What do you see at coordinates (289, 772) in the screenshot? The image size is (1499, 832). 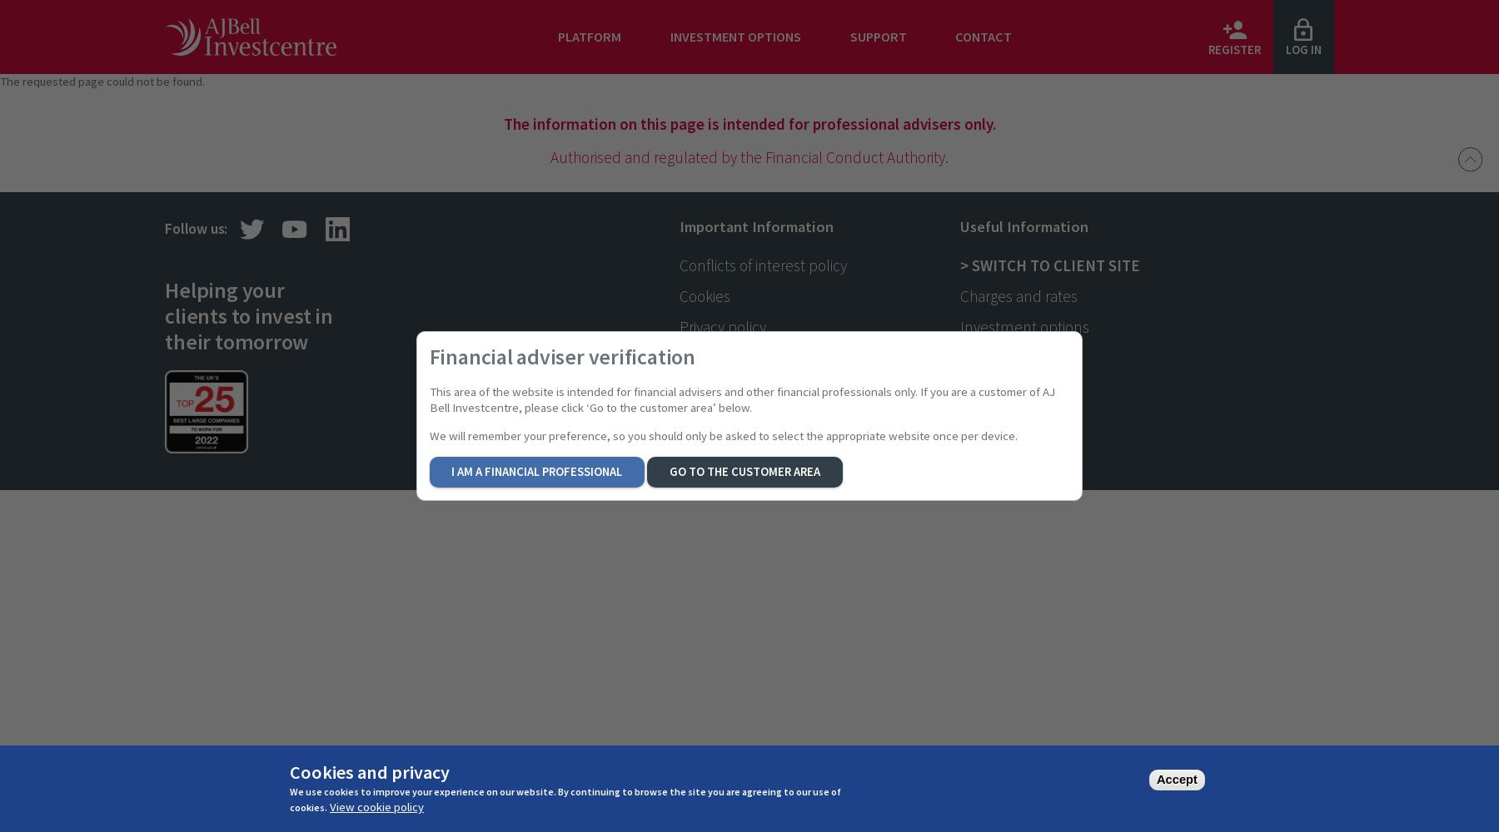 I see `'Cookies and privacy'` at bounding box center [289, 772].